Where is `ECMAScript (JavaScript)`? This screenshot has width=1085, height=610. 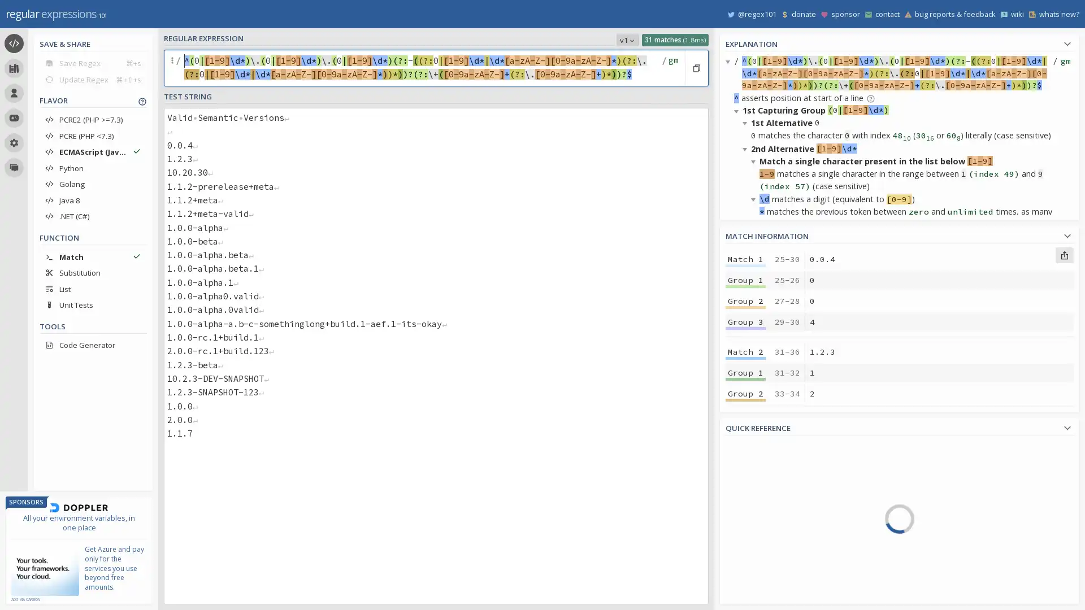 ECMAScript (JavaScript) is located at coordinates (93, 151).